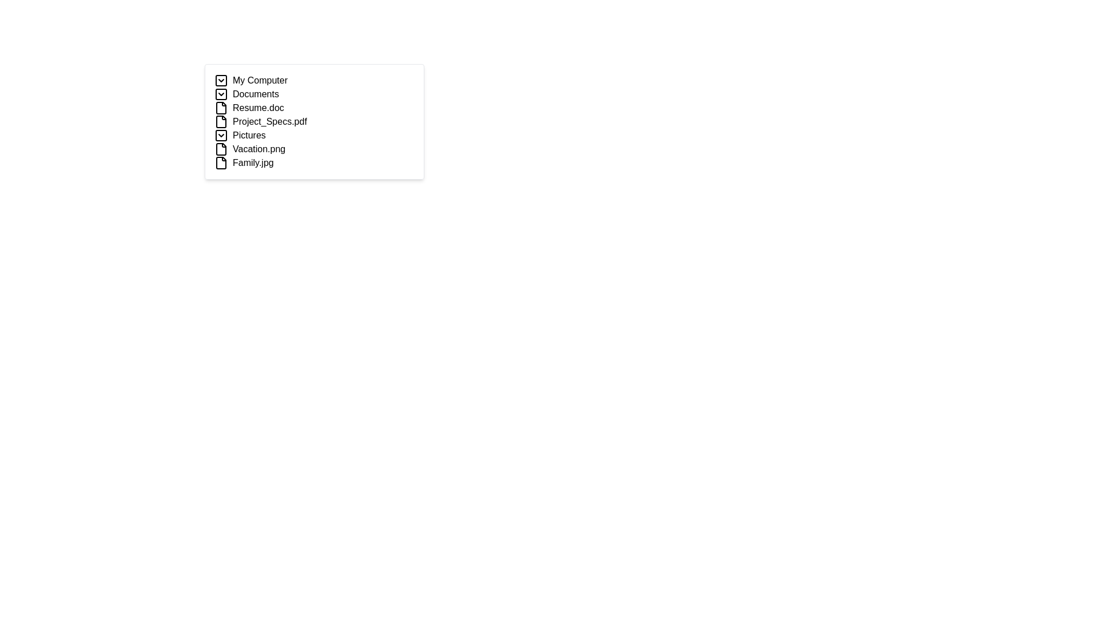 This screenshot has width=1098, height=618. What do you see at coordinates (221, 121) in the screenshot?
I see `the file icon styled as a document outline with rounded corners and a folded upper-right corner, located to the left of 'Project_Specs.pdf' in the fourth row of the file list` at bounding box center [221, 121].